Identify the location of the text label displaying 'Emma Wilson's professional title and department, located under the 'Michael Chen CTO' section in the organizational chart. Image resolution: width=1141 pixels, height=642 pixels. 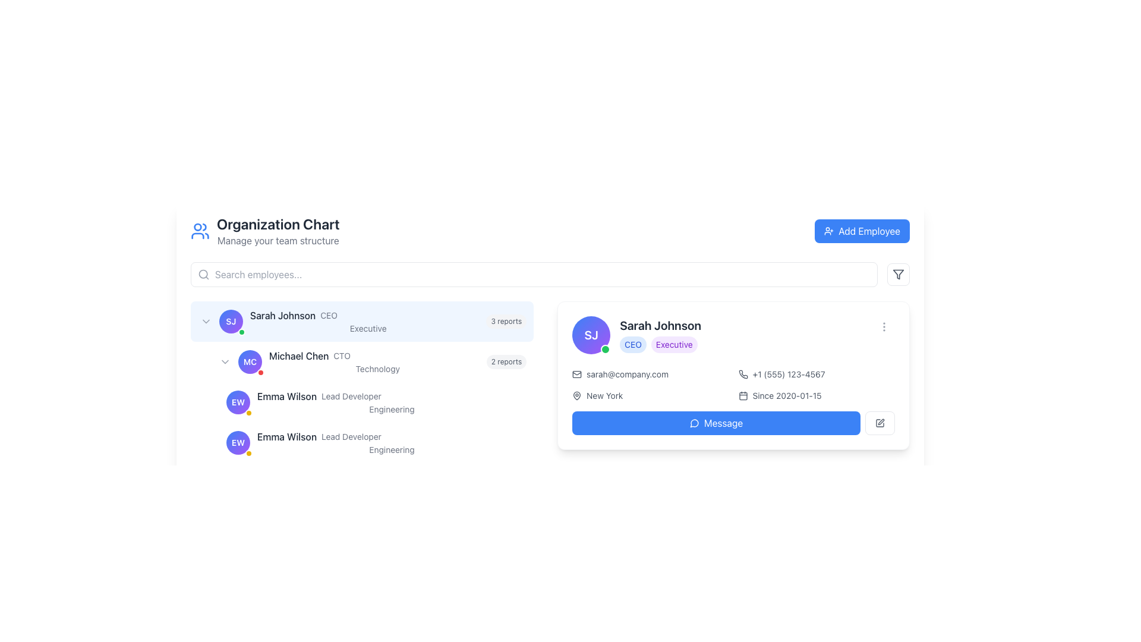
(392, 442).